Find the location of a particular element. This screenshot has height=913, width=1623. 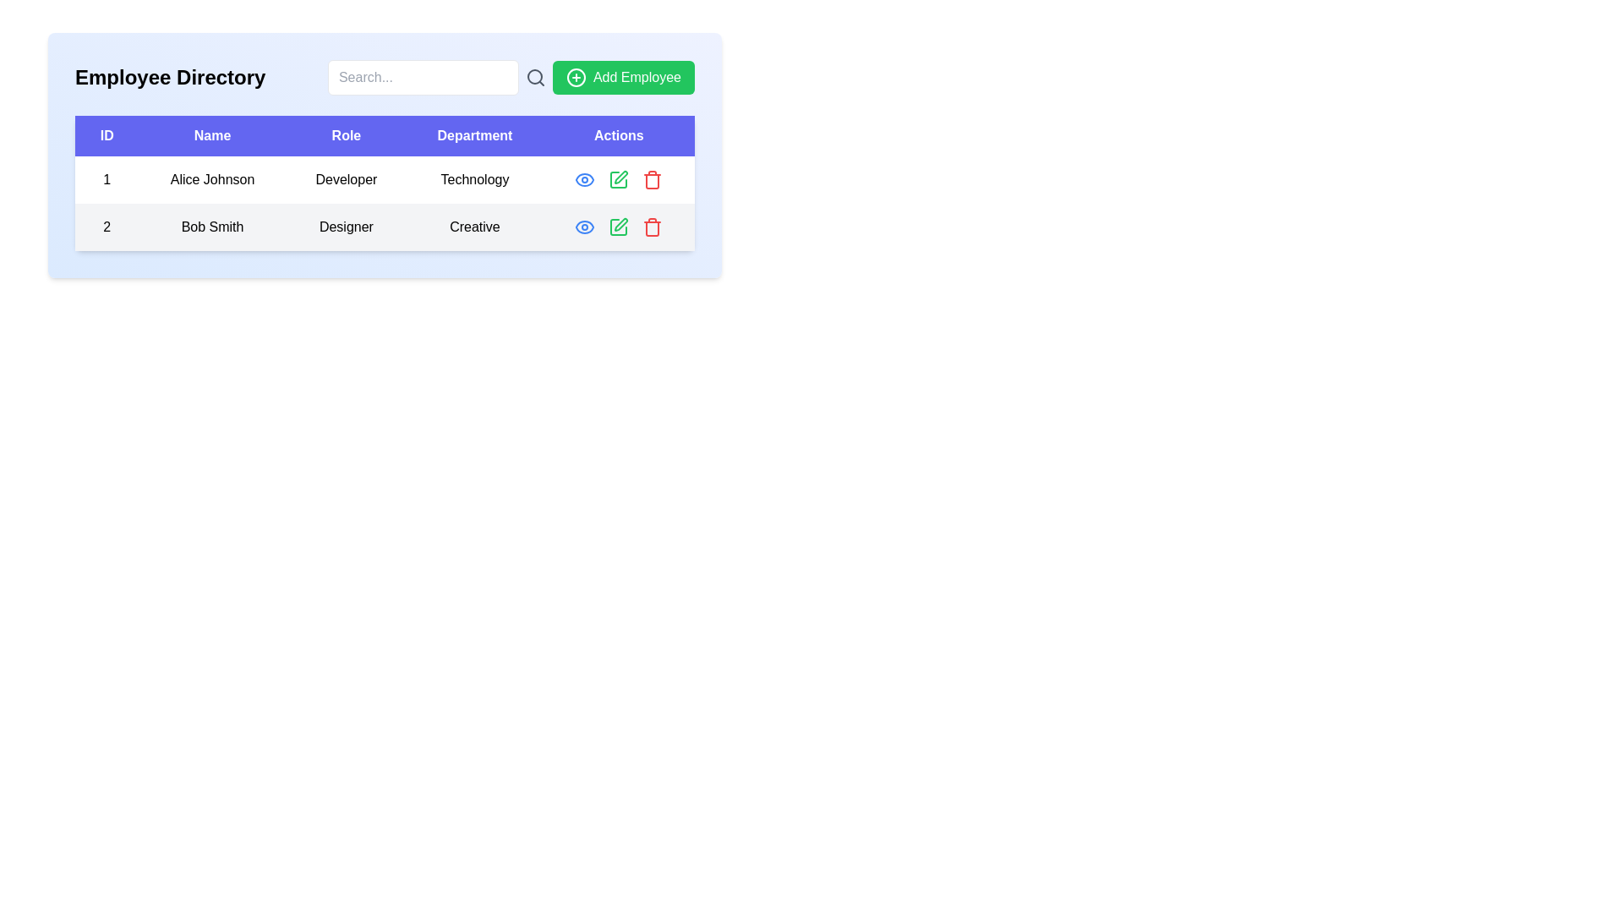

the table header labeled 'Actions', which is styled with white text on a purple background and is positioned in the upper-right area of the table header row is located at coordinates (618, 135).